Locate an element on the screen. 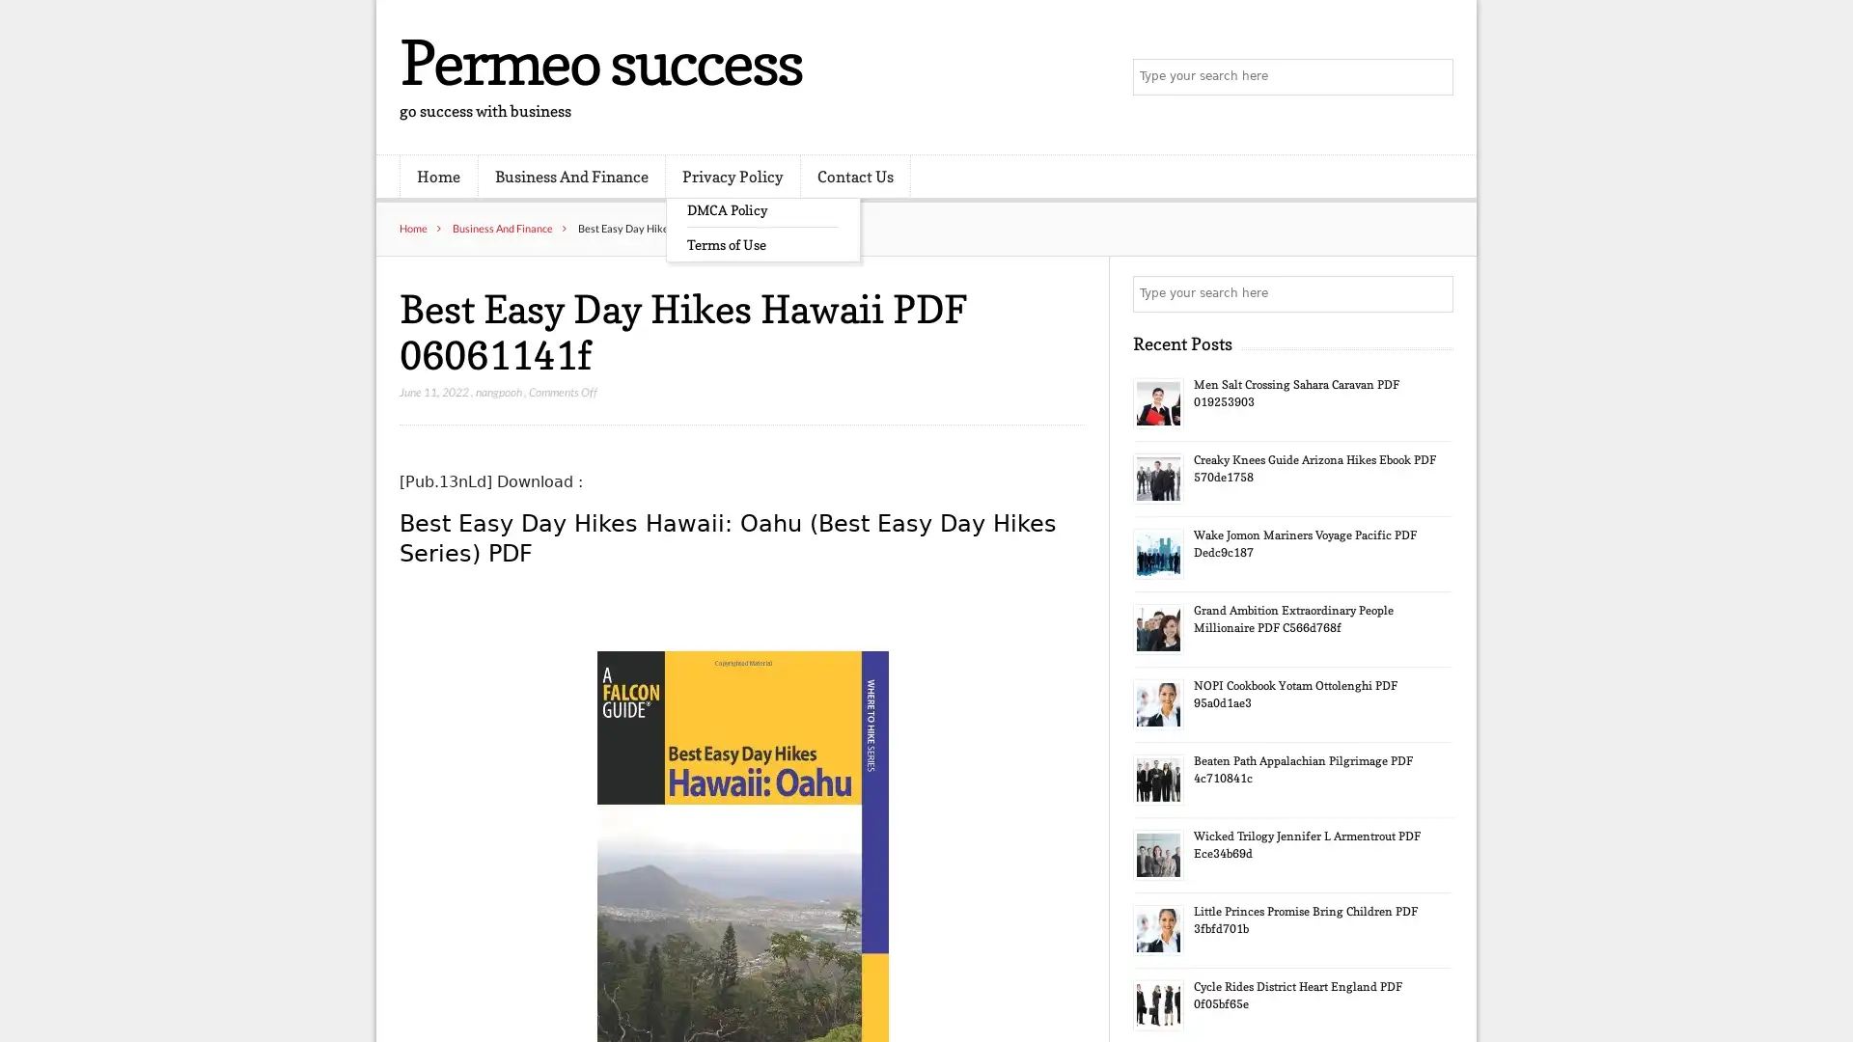  Search is located at coordinates (1433, 293).